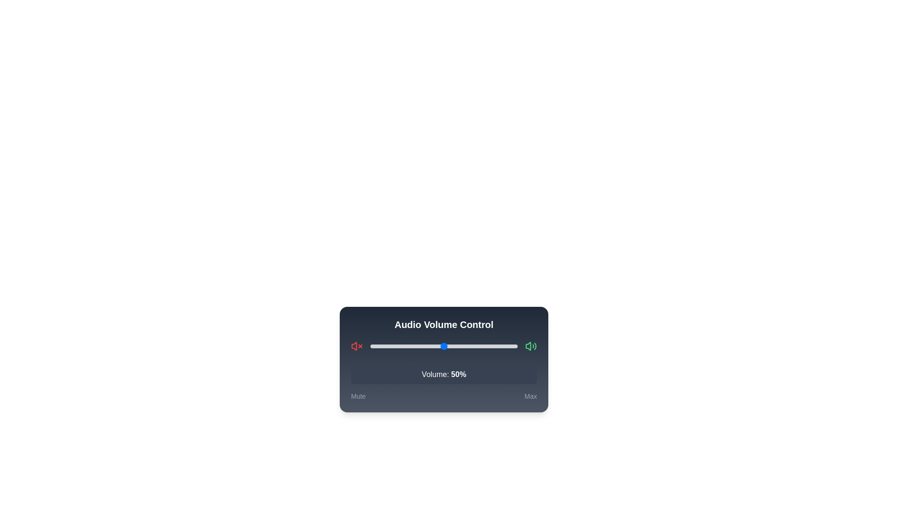 This screenshot has height=509, width=906. I want to click on the 'Max' label to set the volume to maximum, so click(530, 396).